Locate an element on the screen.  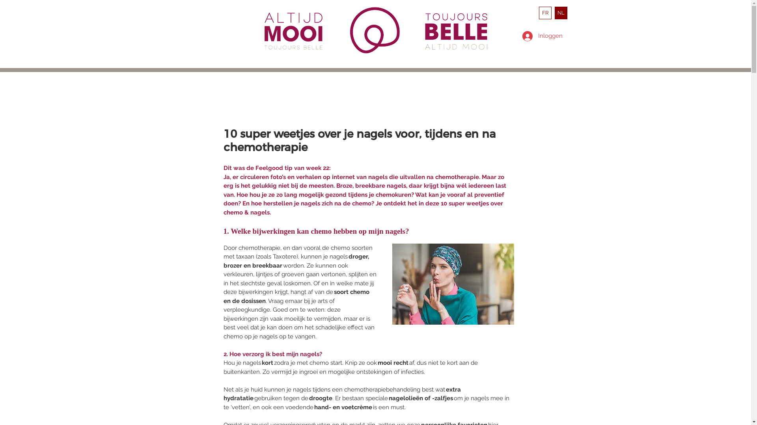
'ALTIJDMOOI_FRLOGO_HRES_edited_edited.png' is located at coordinates (458, 31).